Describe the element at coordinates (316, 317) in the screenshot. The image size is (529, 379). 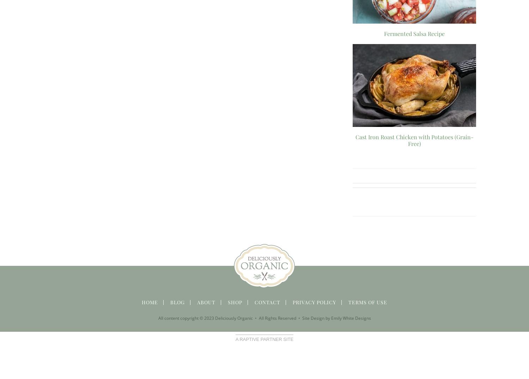
I see `'Site Design by'` at that location.